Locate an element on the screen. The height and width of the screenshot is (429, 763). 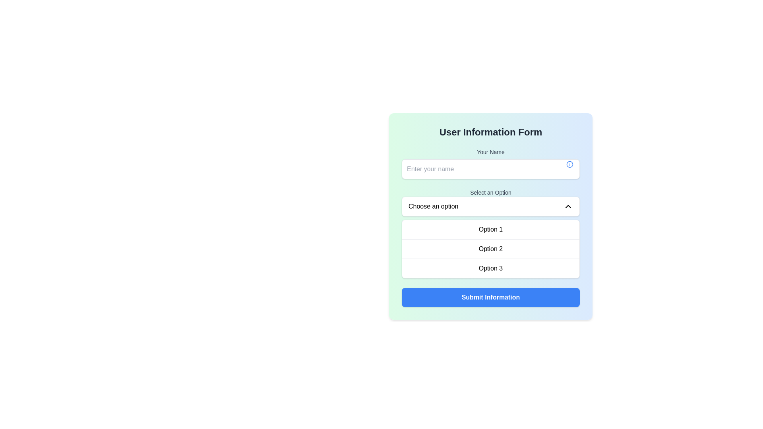
the small circular blue information icon located in the top-right corner of the 'Your Name' text input field is located at coordinates (569, 164).